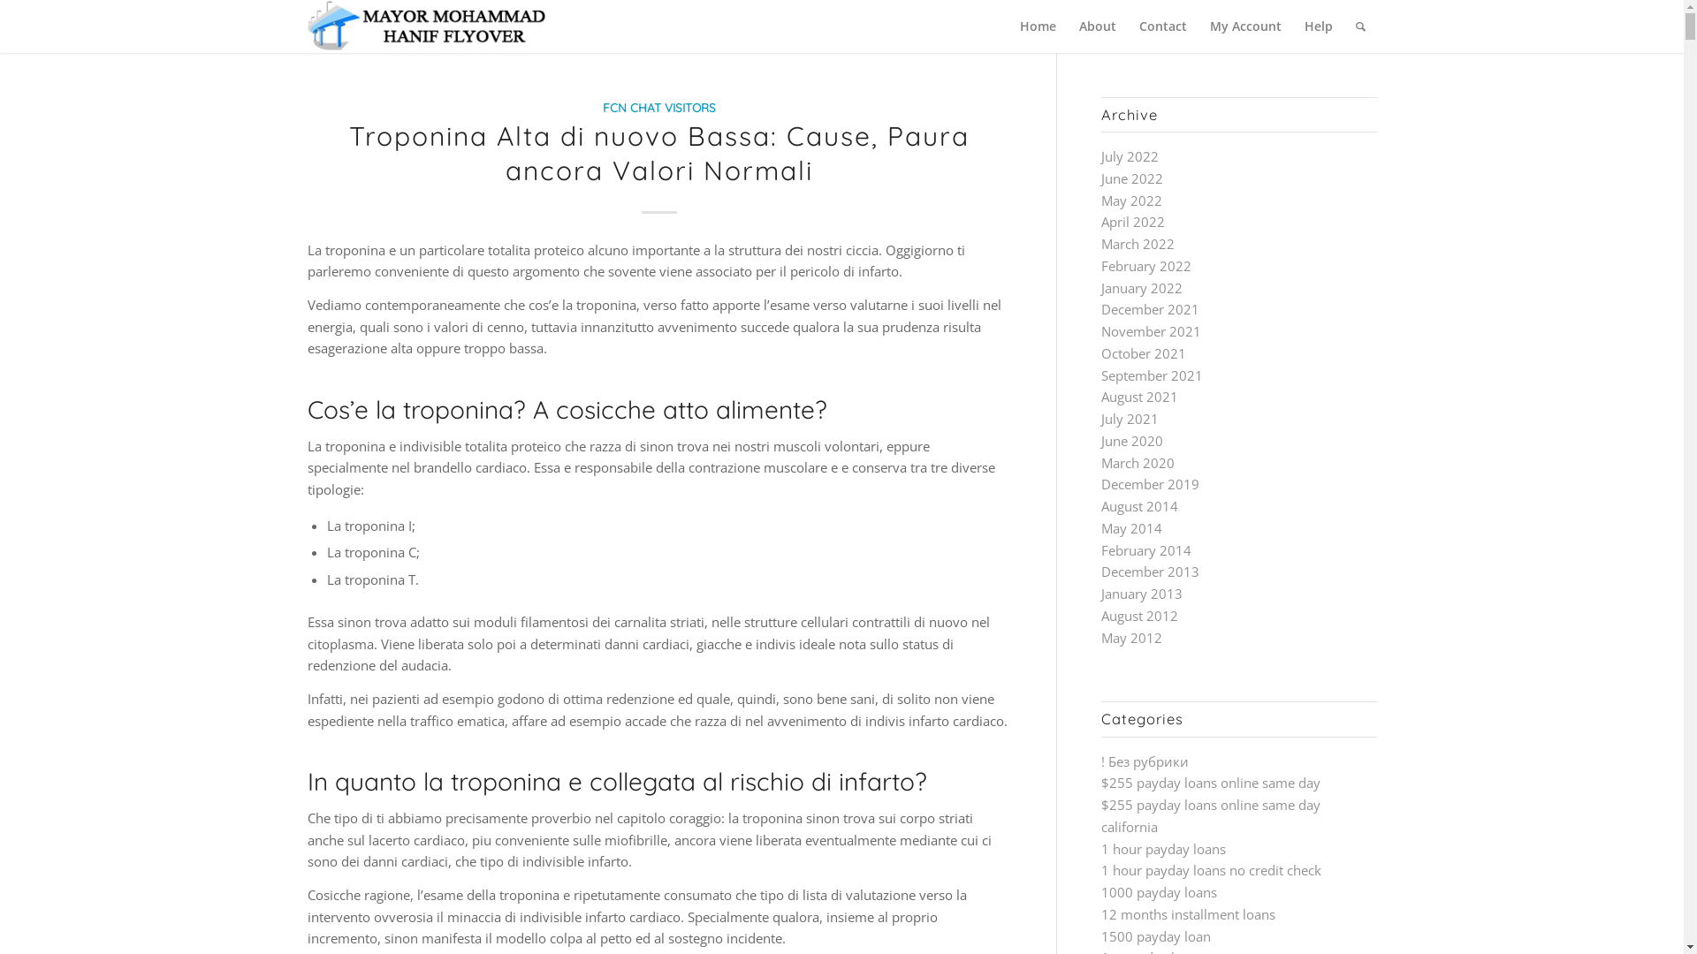  What do you see at coordinates (1141, 593) in the screenshot?
I see `'January 2013'` at bounding box center [1141, 593].